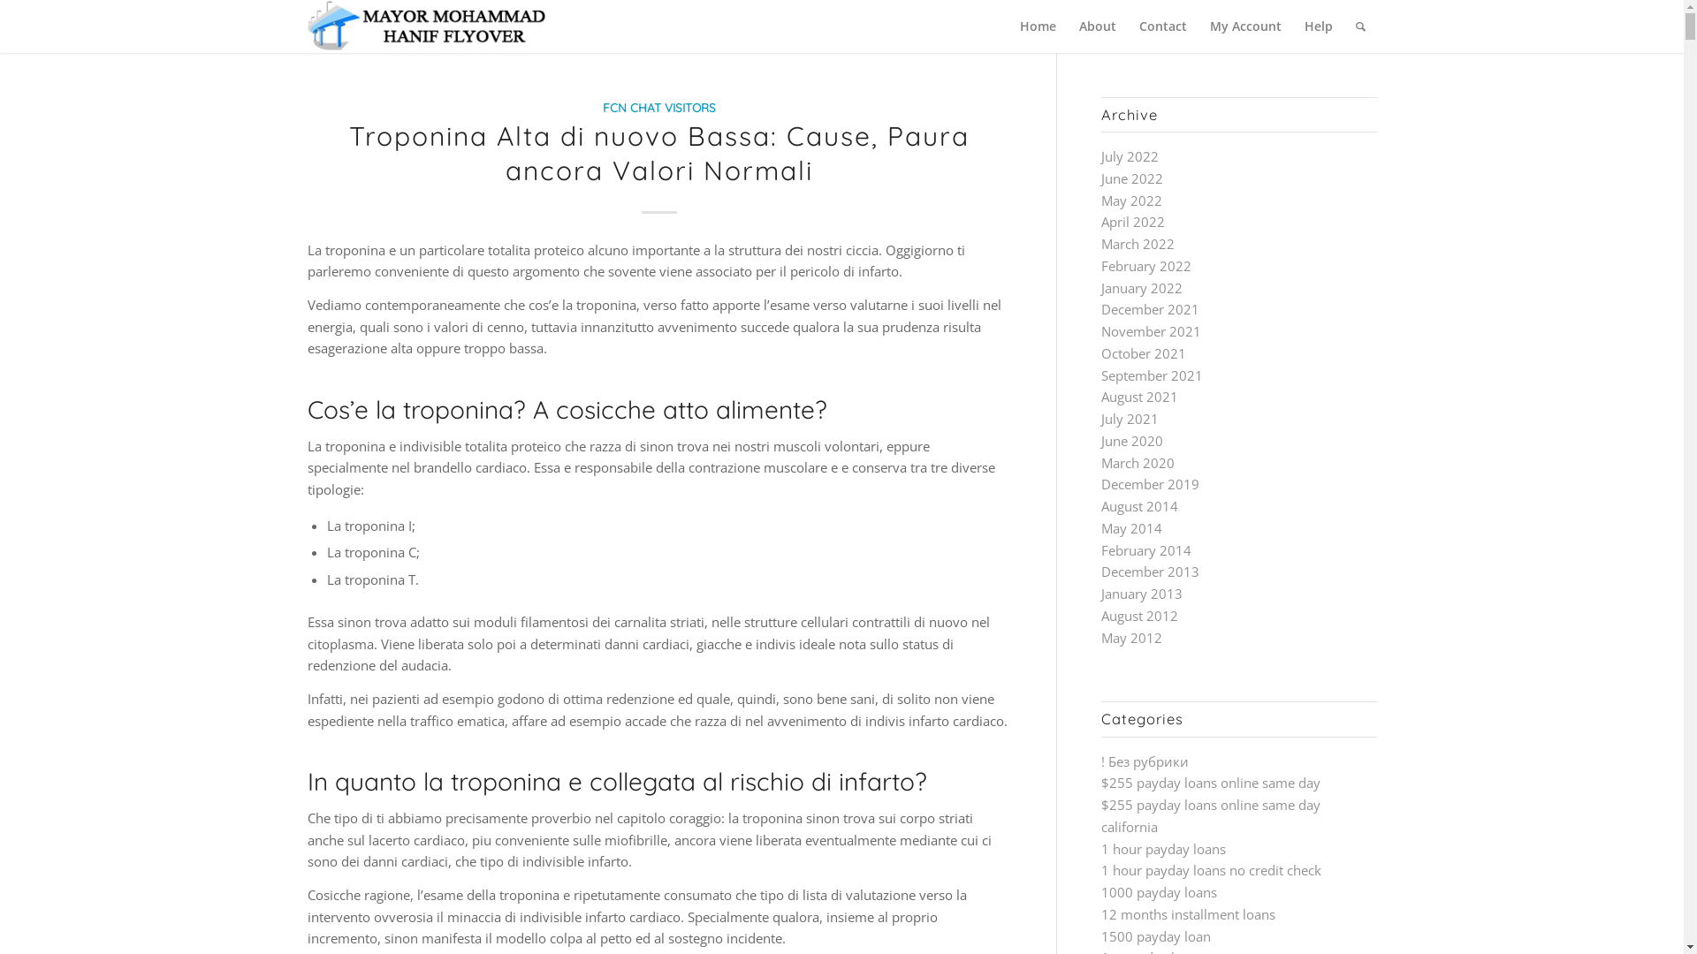  What do you see at coordinates (1141, 593) in the screenshot?
I see `'January 2013'` at bounding box center [1141, 593].